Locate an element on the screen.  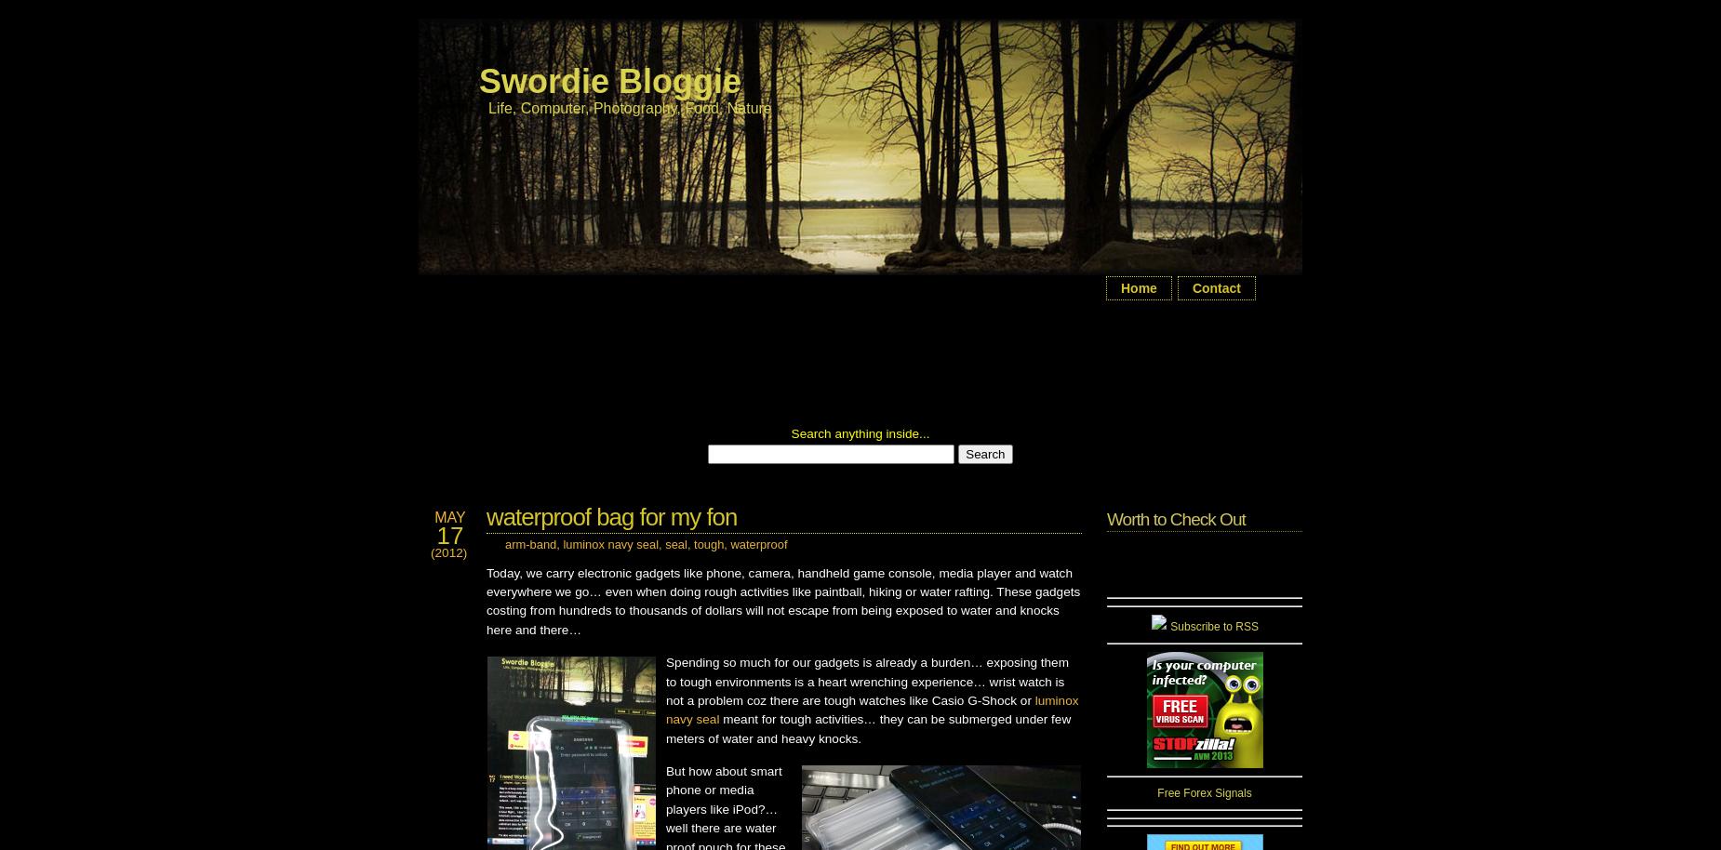
'Worth to Check Out' is located at coordinates (1174, 519).